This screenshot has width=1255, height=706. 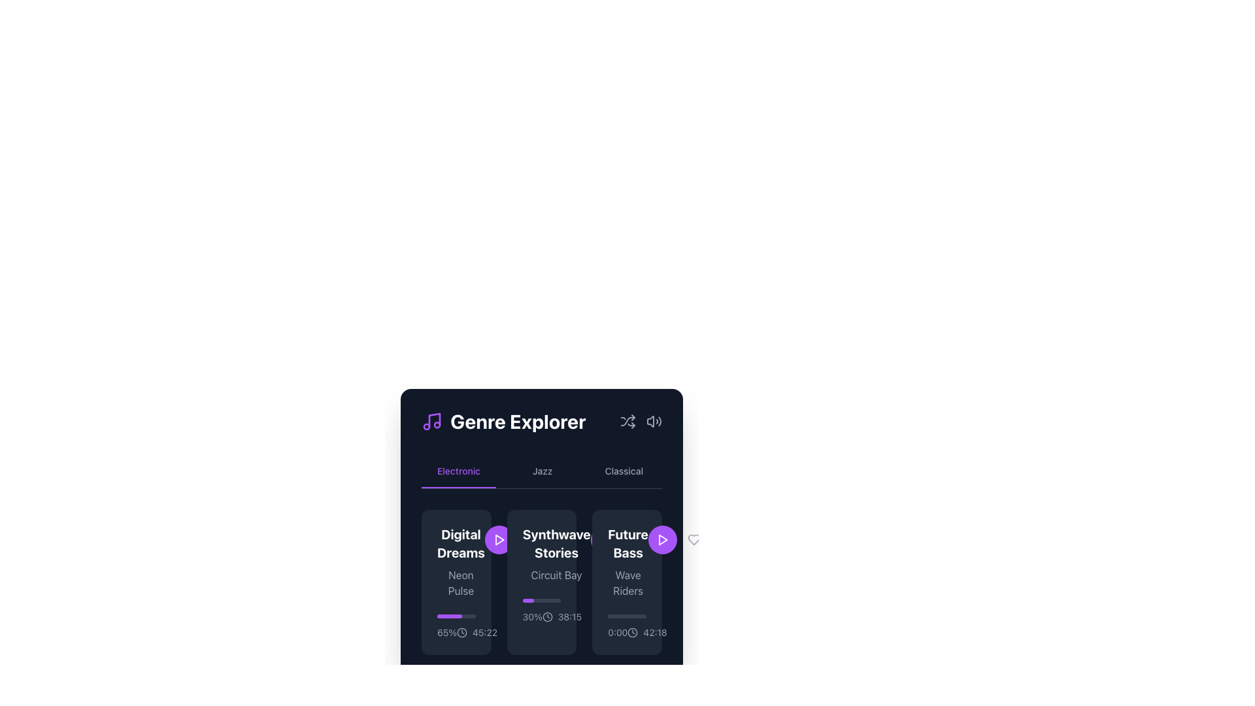 I want to click on the Text Display element that represents the title and subtitle for a song or playlist in the first card of the 'Genre Explorer' interface, so click(x=456, y=562).